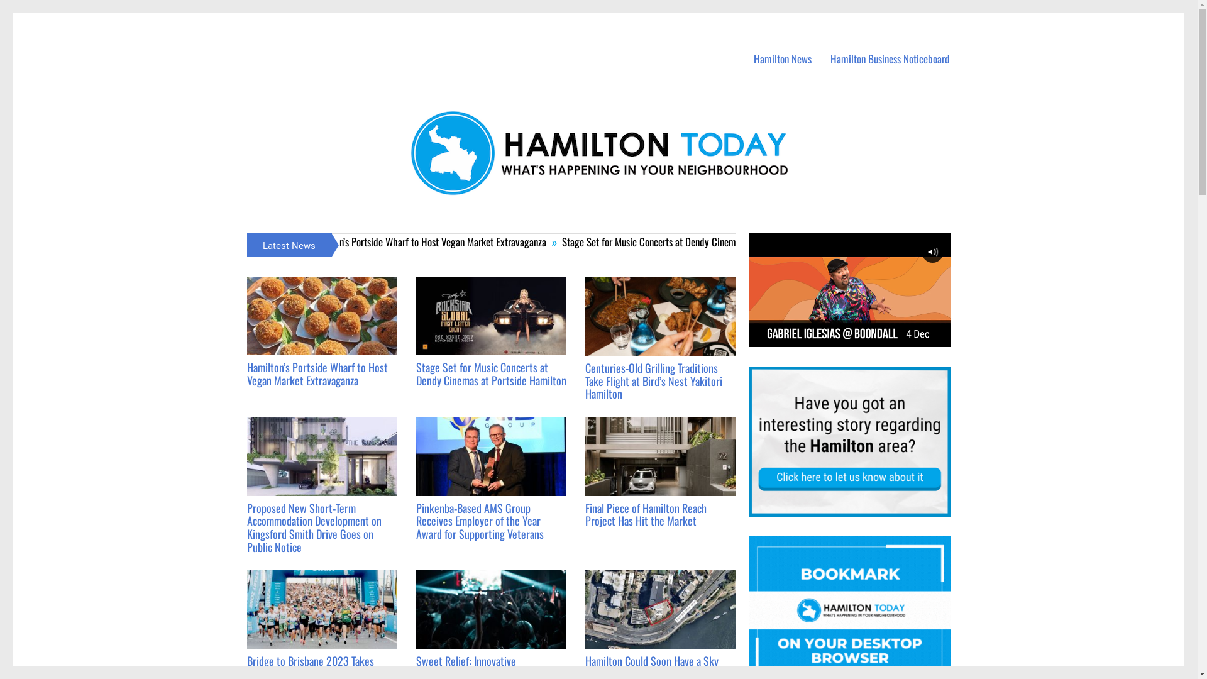 This screenshot has height=679, width=1207. Describe the element at coordinates (781, 59) in the screenshot. I see `'Hamilton News'` at that location.